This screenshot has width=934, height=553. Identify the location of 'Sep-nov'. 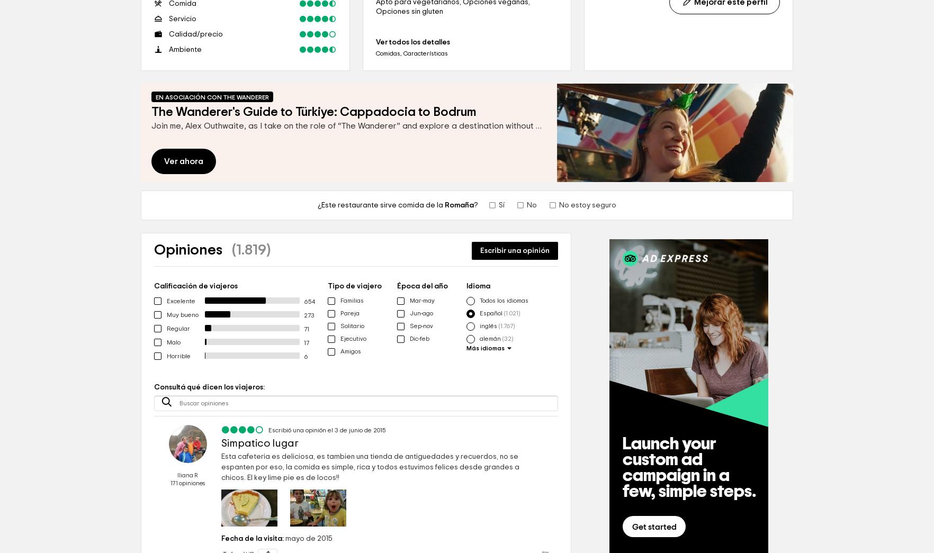
(421, 325).